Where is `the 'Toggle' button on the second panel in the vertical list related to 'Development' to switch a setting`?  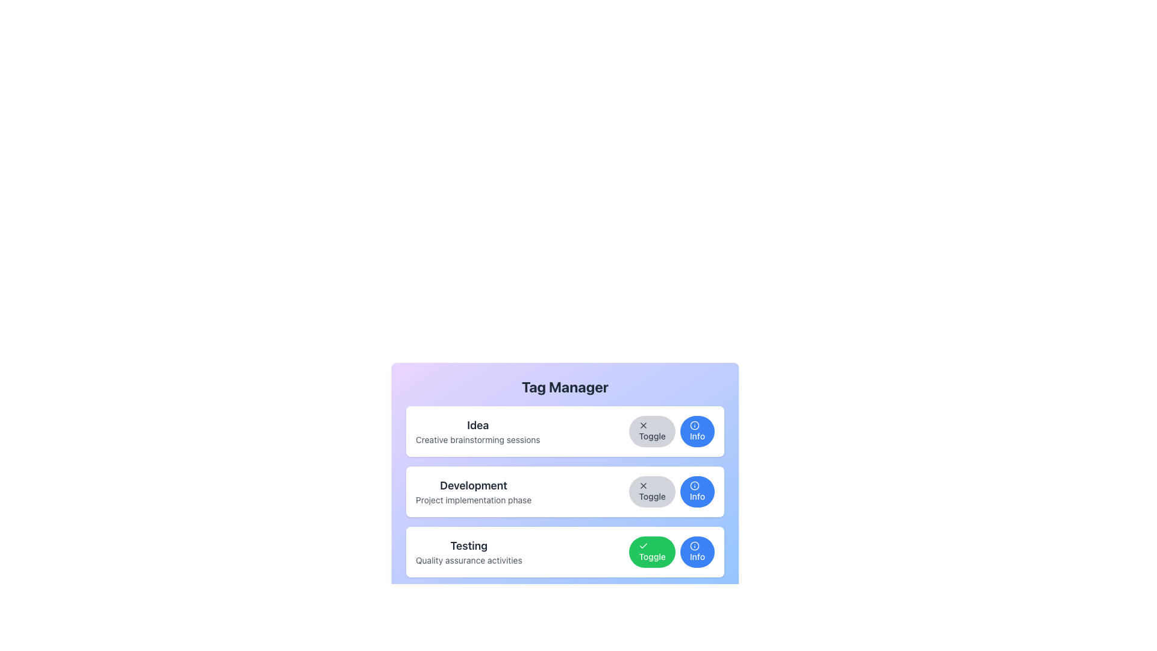 the 'Toggle' button on the second panel in the vertical list related to 'Development' to switch a setting is located at coordinates (564, 492).